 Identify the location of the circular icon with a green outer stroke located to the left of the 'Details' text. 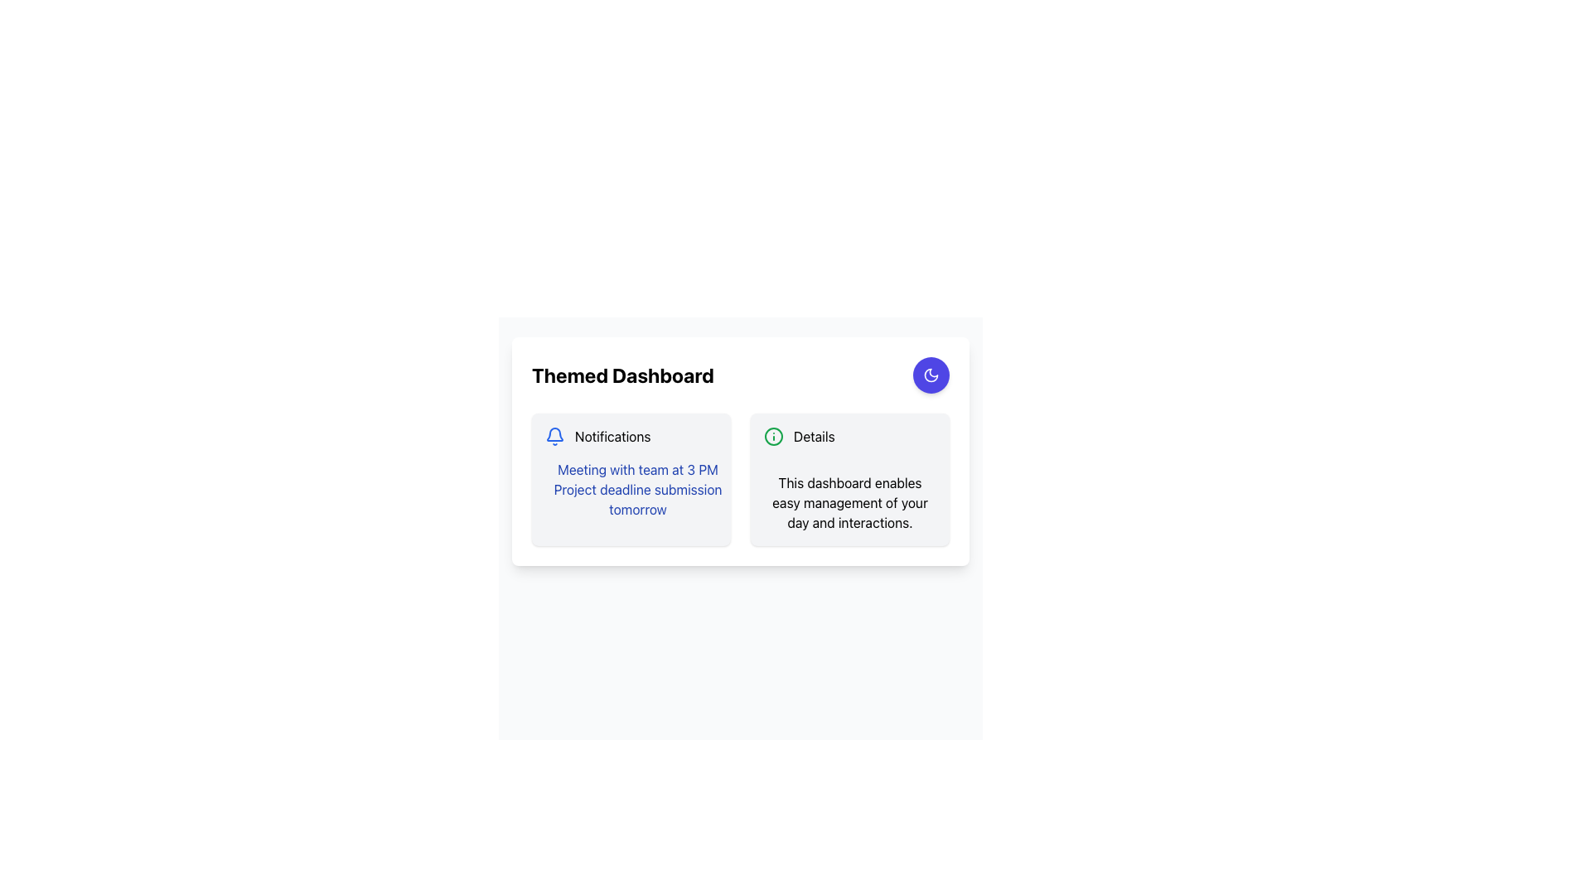
(773, 436).